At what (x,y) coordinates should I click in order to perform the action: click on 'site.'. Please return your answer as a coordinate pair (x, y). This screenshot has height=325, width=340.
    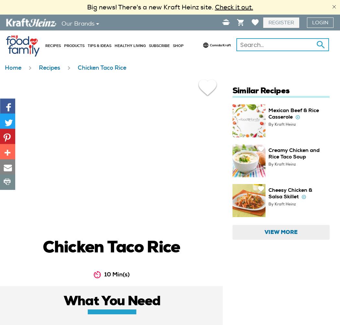
    Looking at the image, I should click on (206, 7).